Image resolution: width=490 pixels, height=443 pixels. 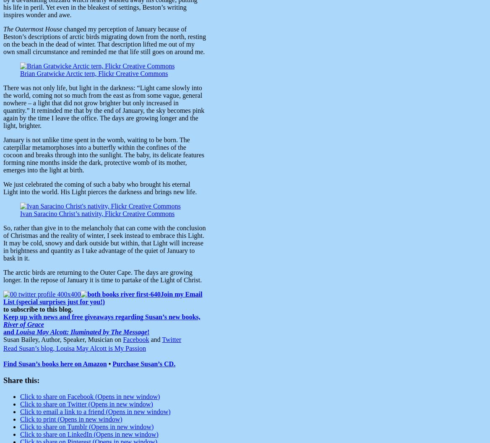 What do you see at coordinates (102, 298) in the screenshot?
I see `'Join my Email List (special surprises just for you!)'` at bounding box center [102, 298].